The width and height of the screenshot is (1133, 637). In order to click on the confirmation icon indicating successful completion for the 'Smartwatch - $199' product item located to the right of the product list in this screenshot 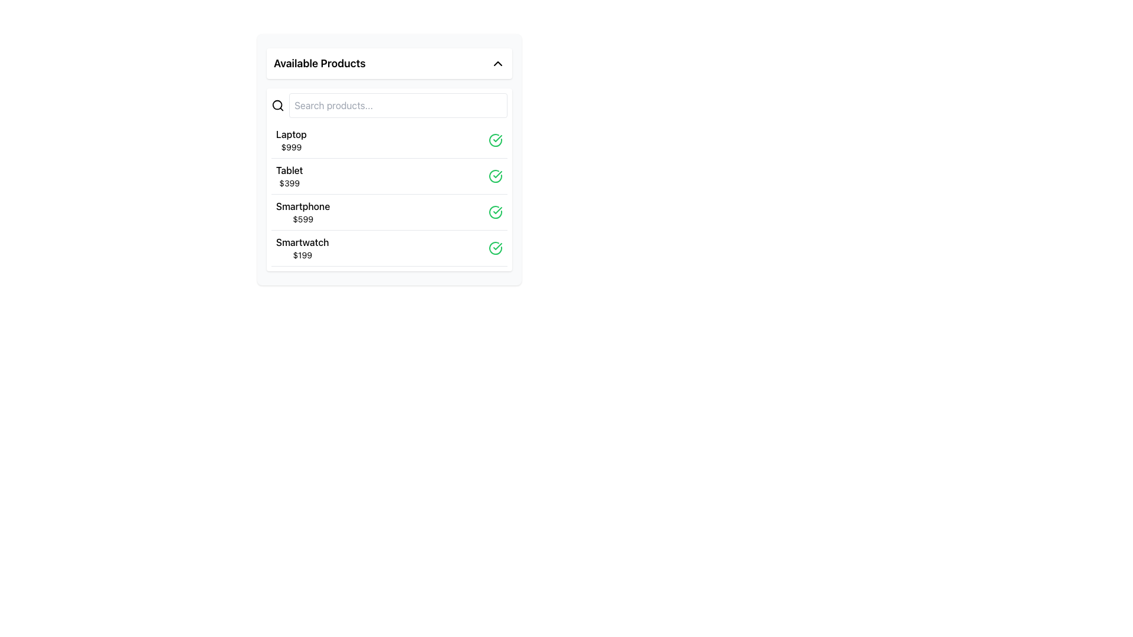, I will do `click(497, 210)`.